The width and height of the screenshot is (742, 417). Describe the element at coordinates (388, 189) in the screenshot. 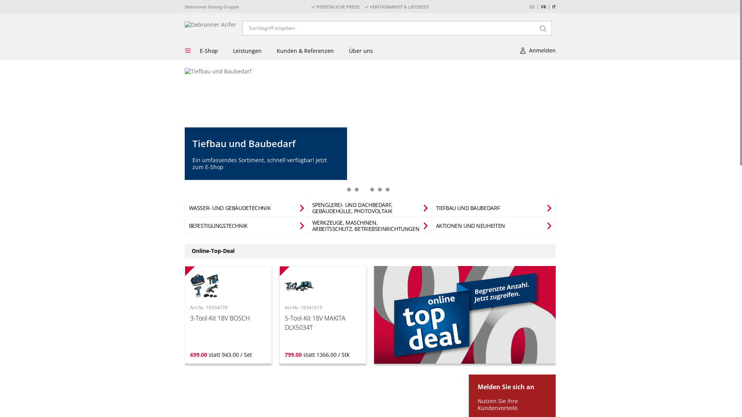

I see `'6'` at that location.